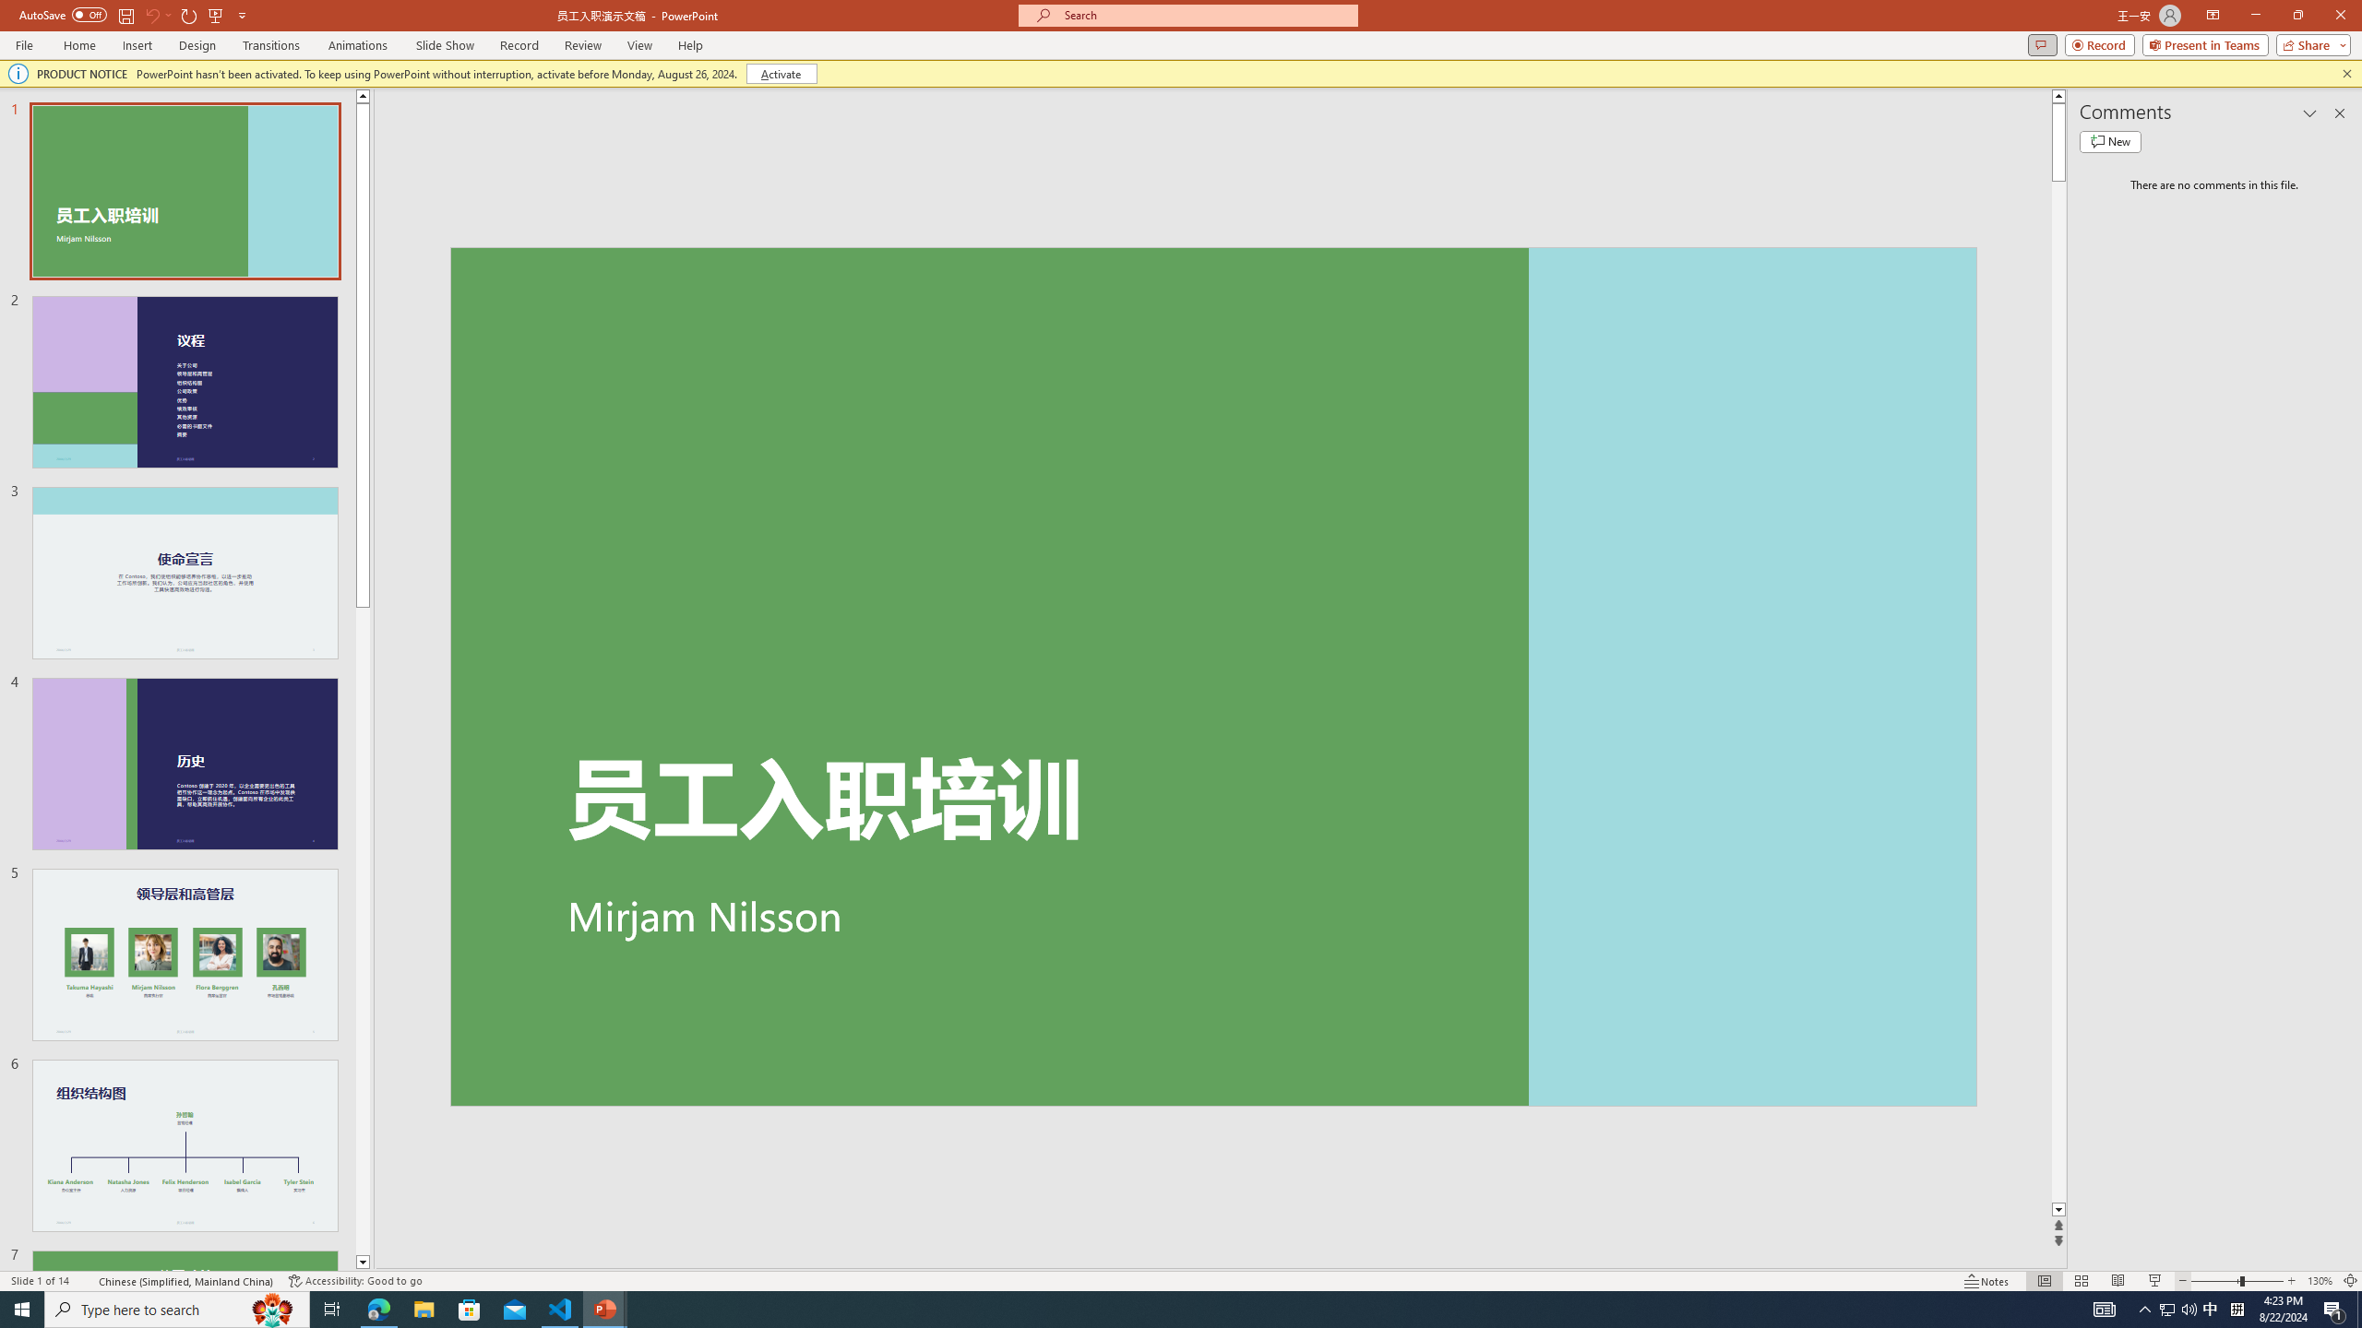 This screenshot has width=2362, height=1328. Describe the element at coordinates (2346, 72) in the screenshot. I see `'Close this message'` at that location.